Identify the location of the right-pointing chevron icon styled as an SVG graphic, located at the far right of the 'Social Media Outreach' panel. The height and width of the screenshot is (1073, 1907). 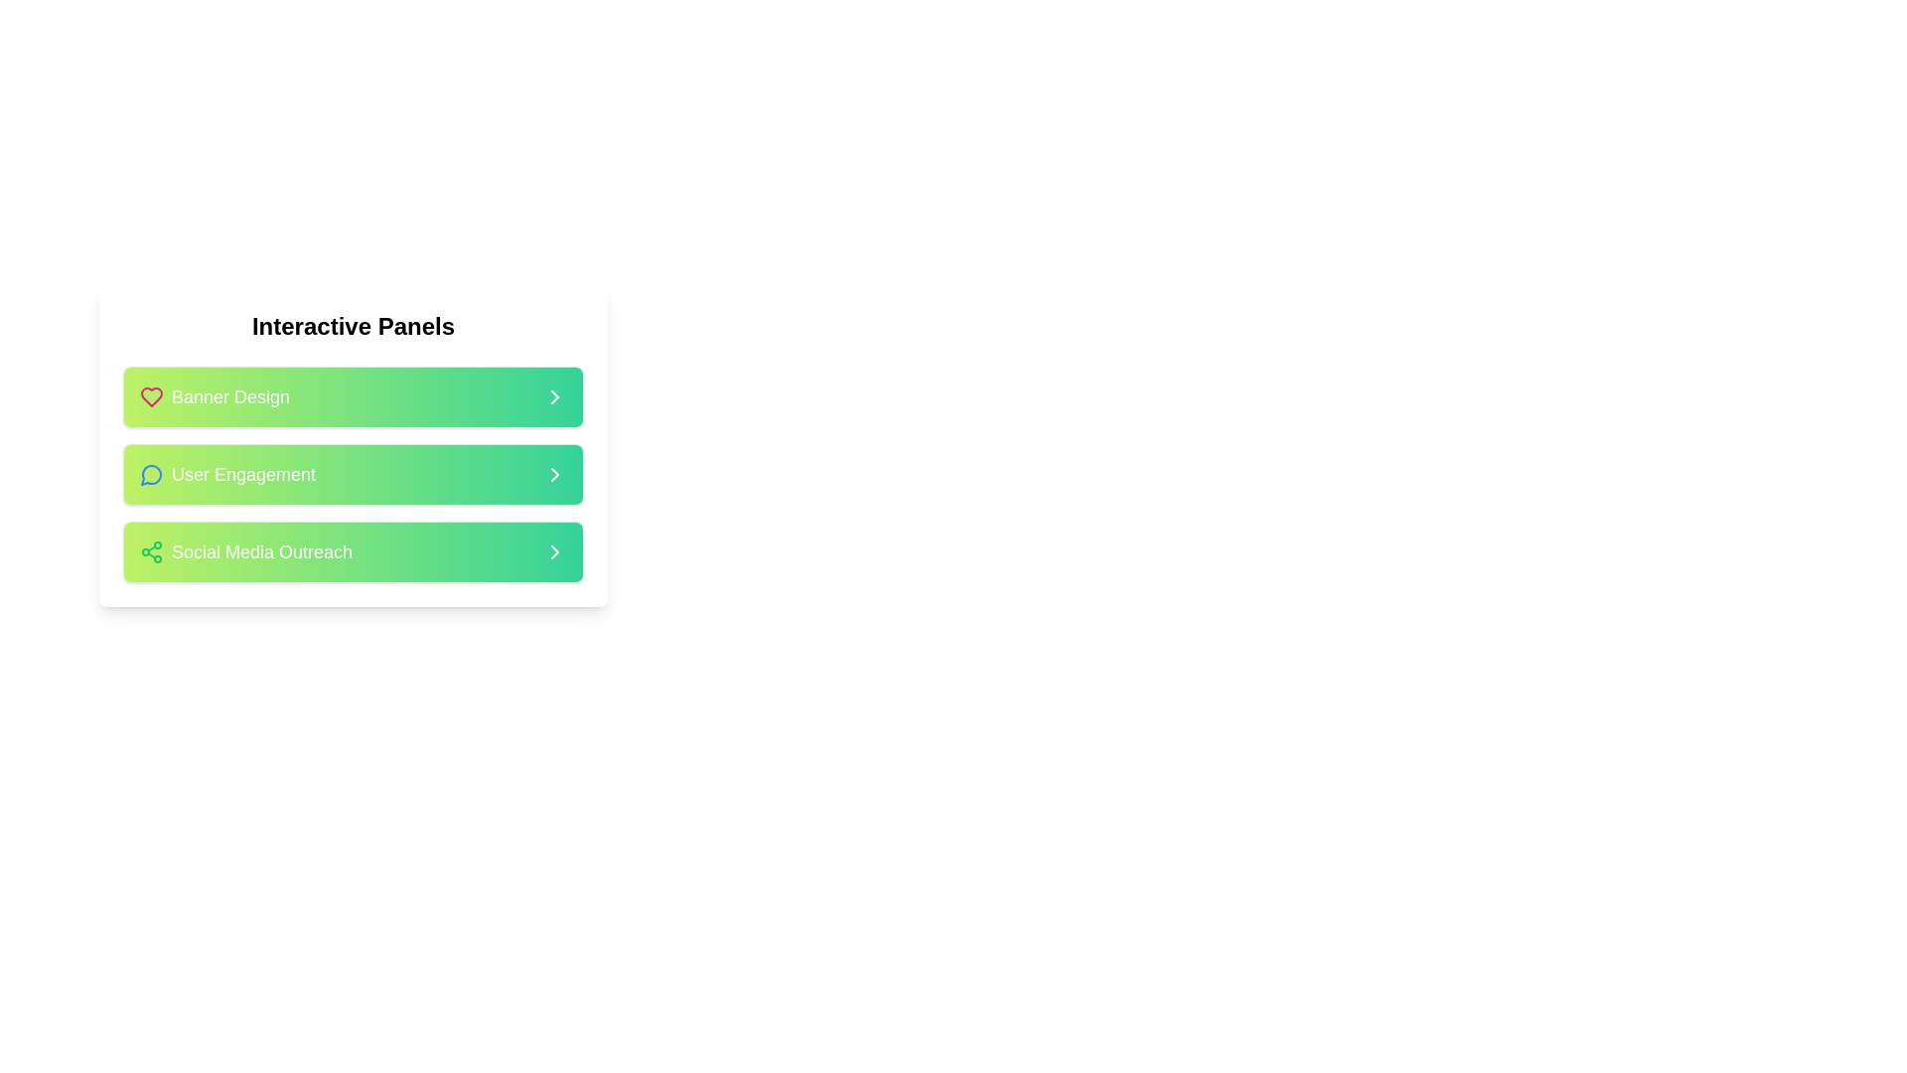
(554, 551).